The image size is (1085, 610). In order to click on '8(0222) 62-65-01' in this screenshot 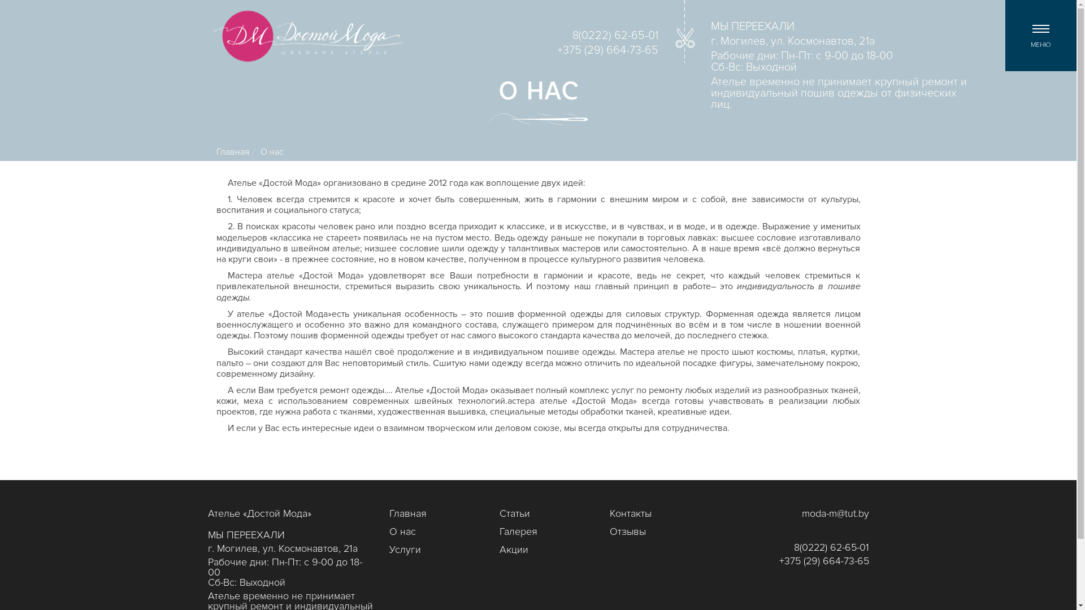, I will do `click(831, 547)`.